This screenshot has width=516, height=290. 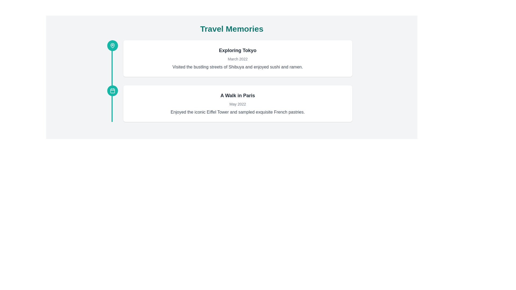 I want to click on the circular calendar icon with a teal background and white calendar symbol, located to the left of the 'A Walk in Paris' section on the timeline, so click(x=112, y=90).